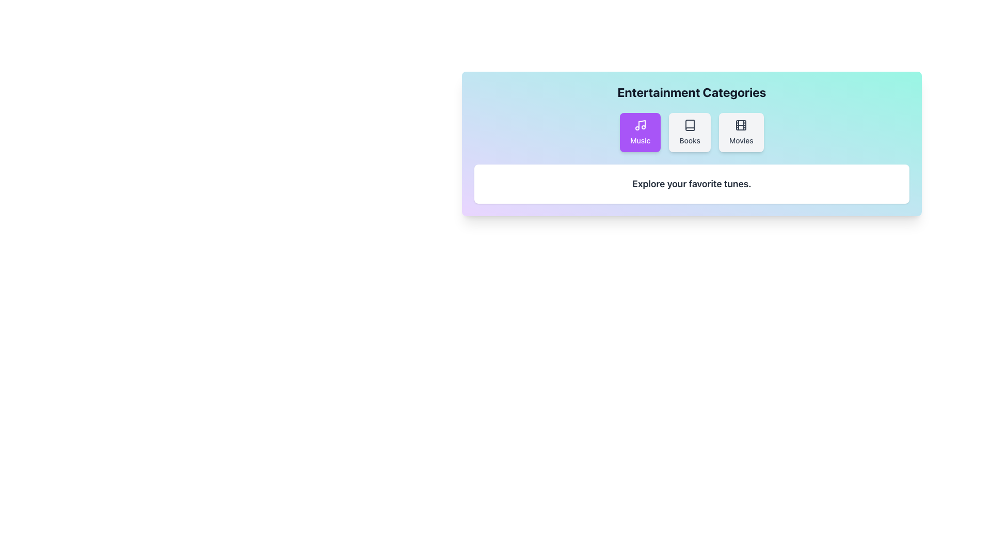  Describe the element at coordinates (640, 141) in the screenshot. I see `the text label displaying 'Music' which is positioned below the music icon within the purple rectangular button labeled 'Music'` at that location.